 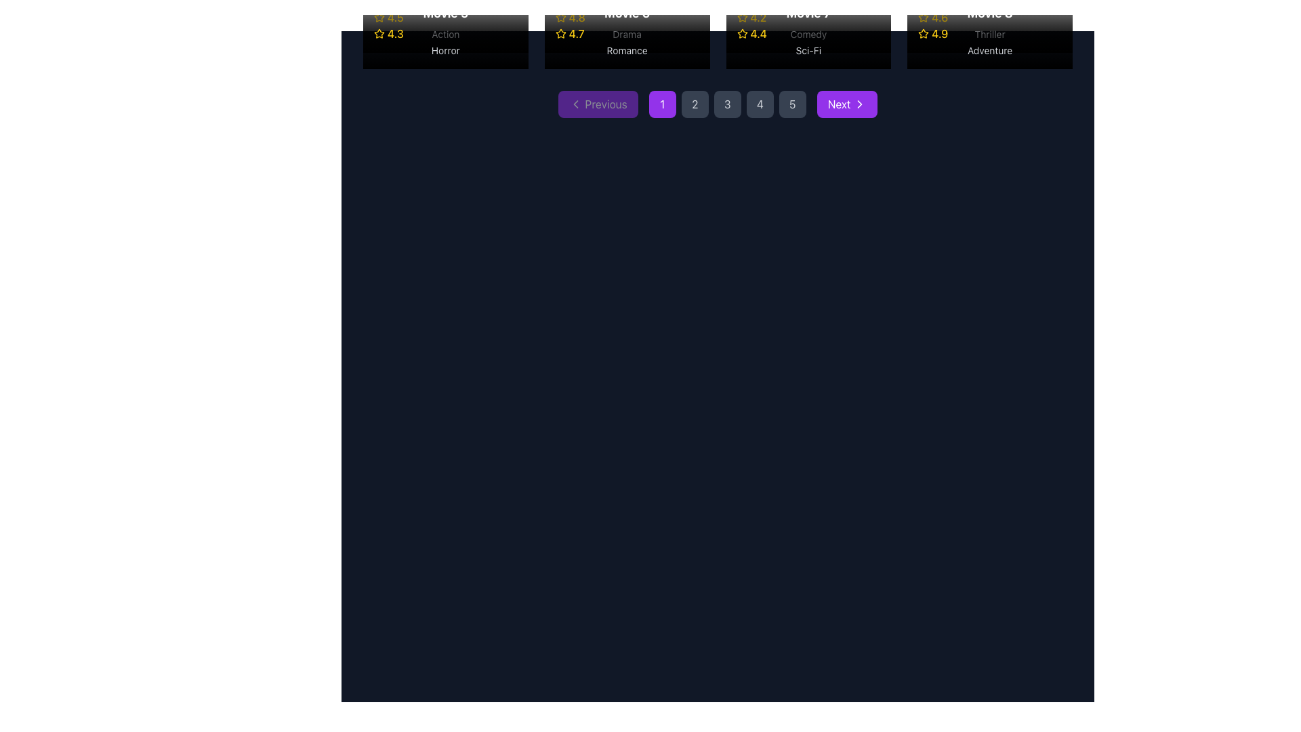 I want to click on rating value from the Rating indicator located below the title 'Movie 8' and above the genre label 'Adventure' in the card layout, so click(x=990, y=33).